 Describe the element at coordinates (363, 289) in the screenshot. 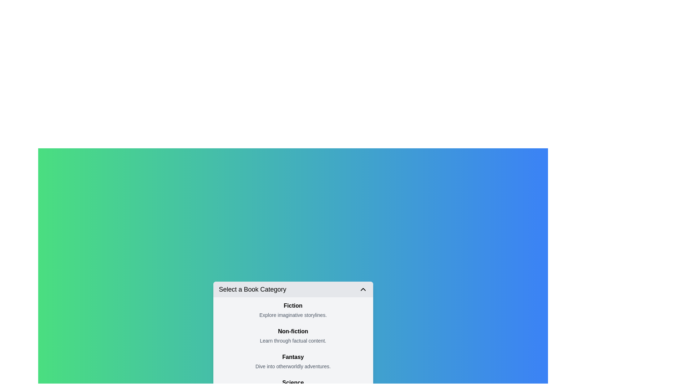

I see `the small upward-pointing arrow icon` at that location.